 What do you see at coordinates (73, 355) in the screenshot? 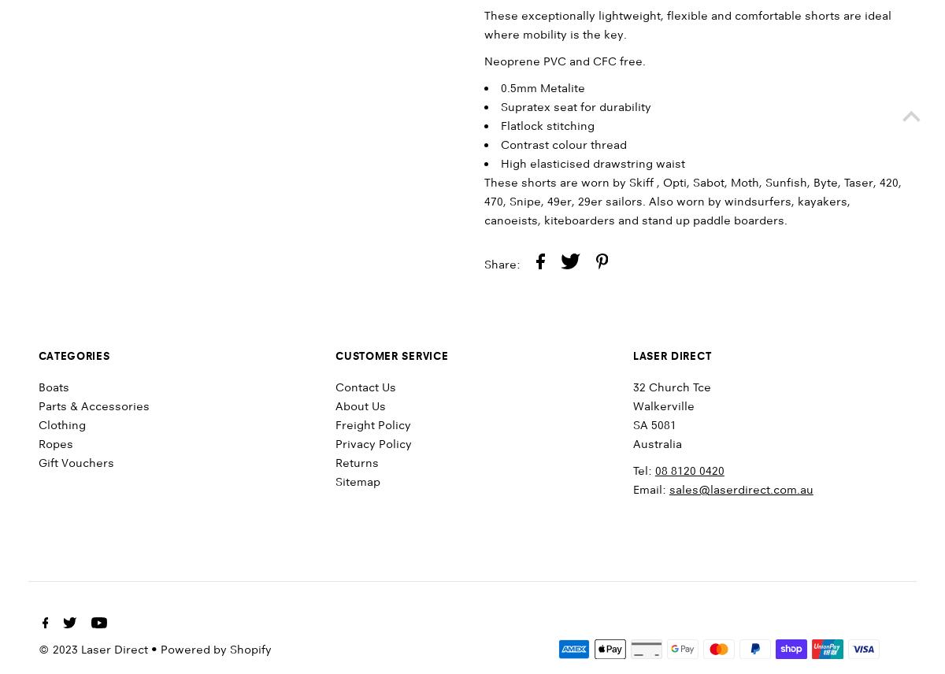
I see `'Categories'` at bounding box center [73, 355].